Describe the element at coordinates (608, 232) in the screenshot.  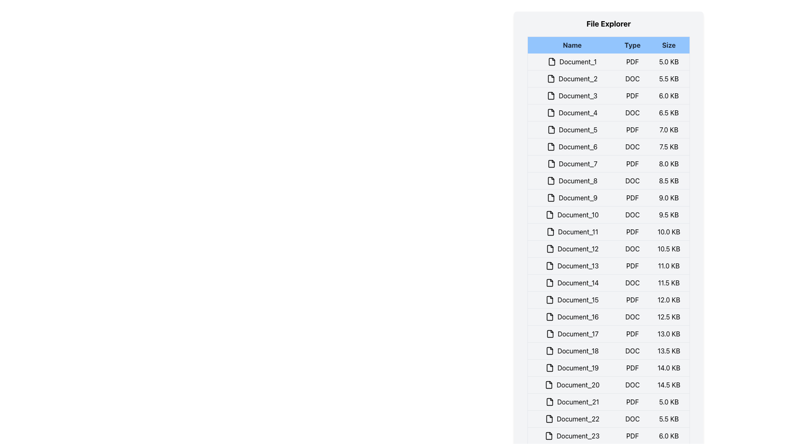
I see `the list item displaying 'Document_11' in the file explorer` at that location.